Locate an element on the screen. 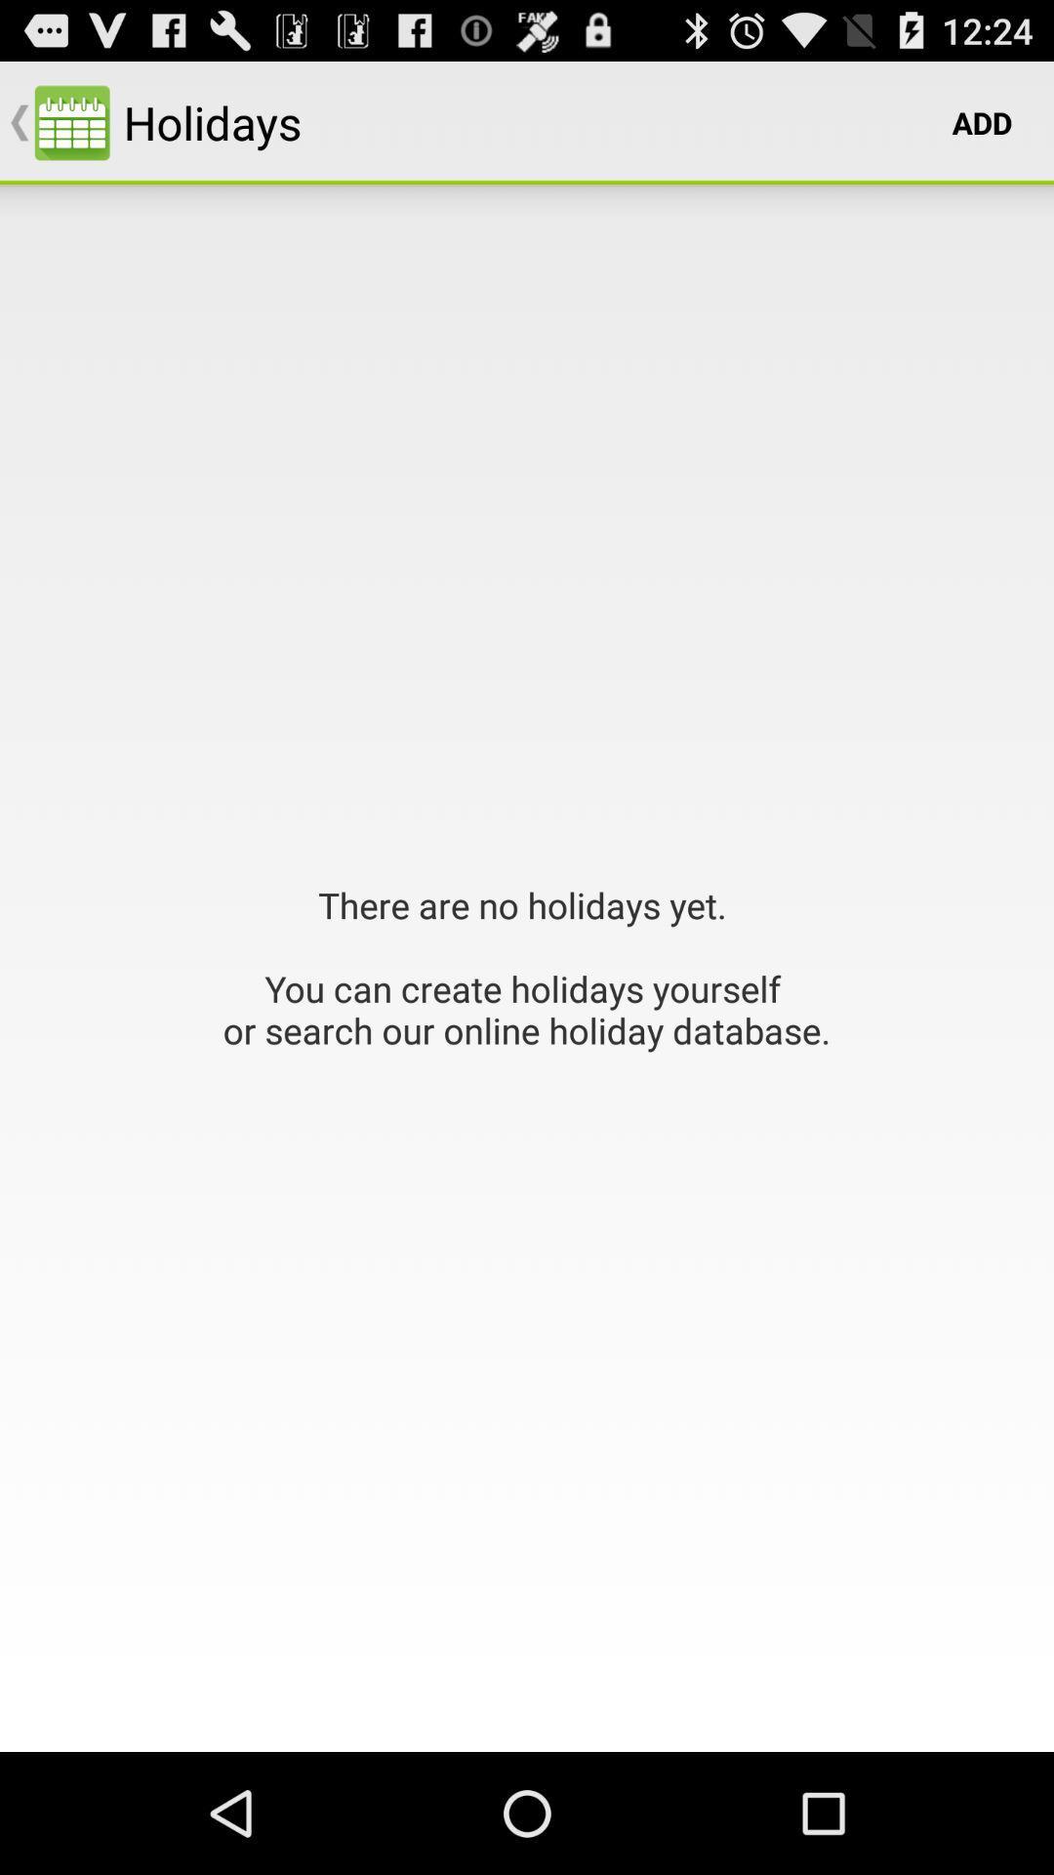  icon at the top right corner is located at coordinates (982, 121).